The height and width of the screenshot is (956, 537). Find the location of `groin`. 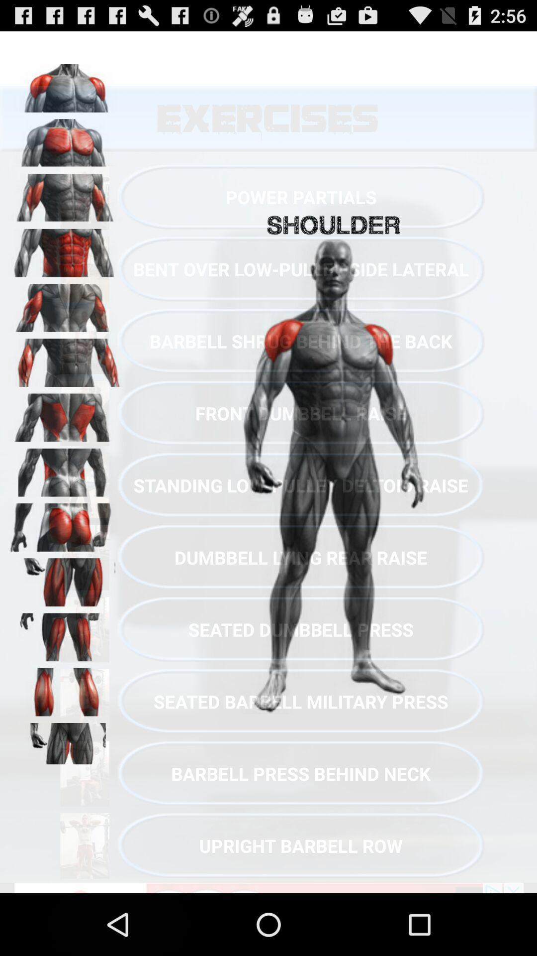

groin is located at coordinates (65, 743).